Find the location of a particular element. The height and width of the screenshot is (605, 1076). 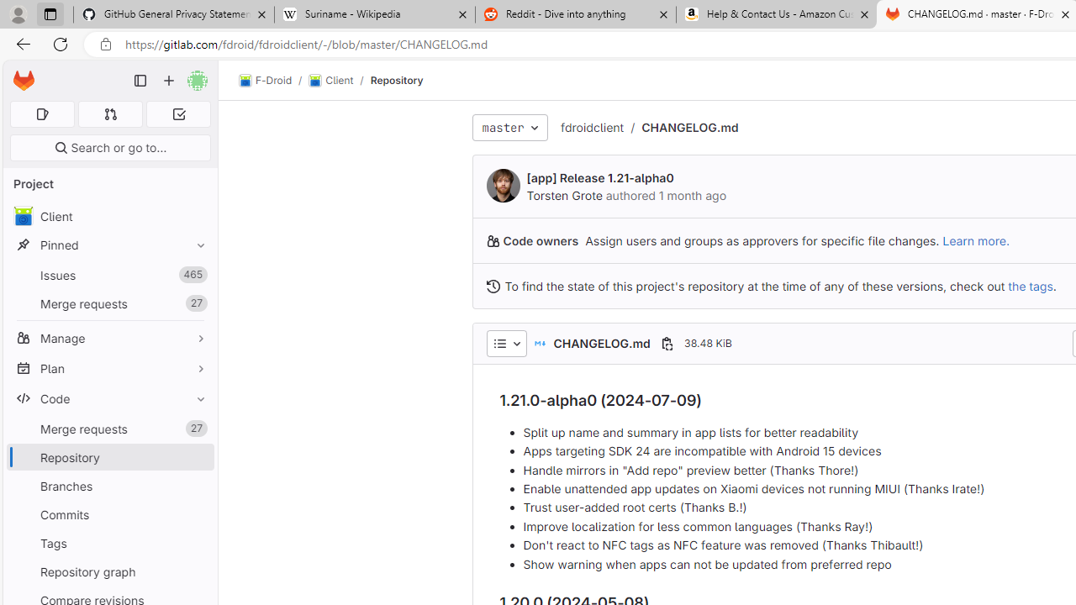

'Merge requests 27' is located at coordinates (109, 428).